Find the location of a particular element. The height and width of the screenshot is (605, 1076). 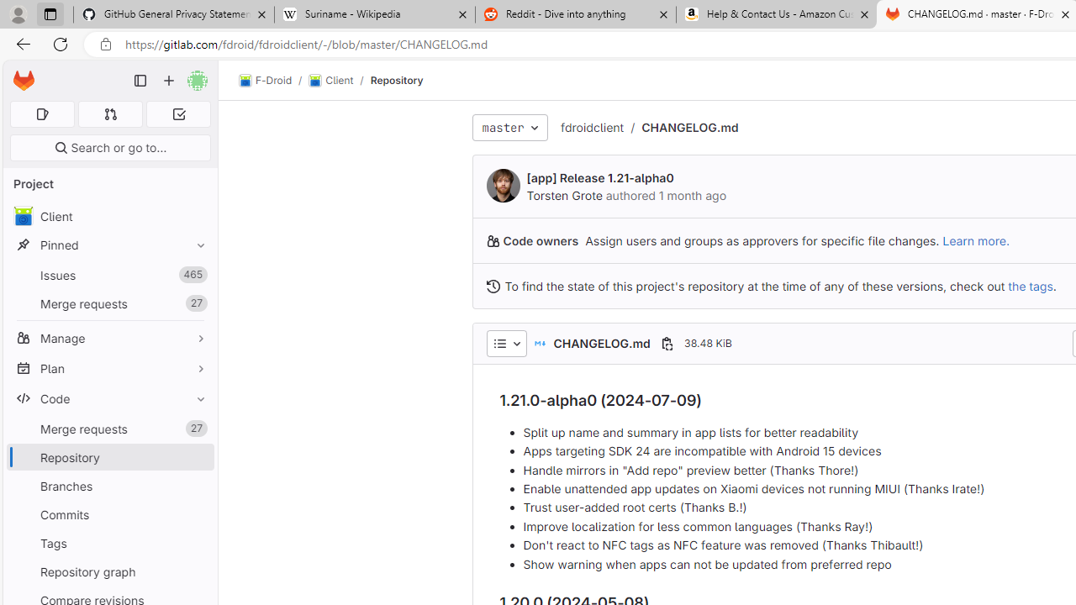

'Merge requests 27' is located at coordinates (109, 428).